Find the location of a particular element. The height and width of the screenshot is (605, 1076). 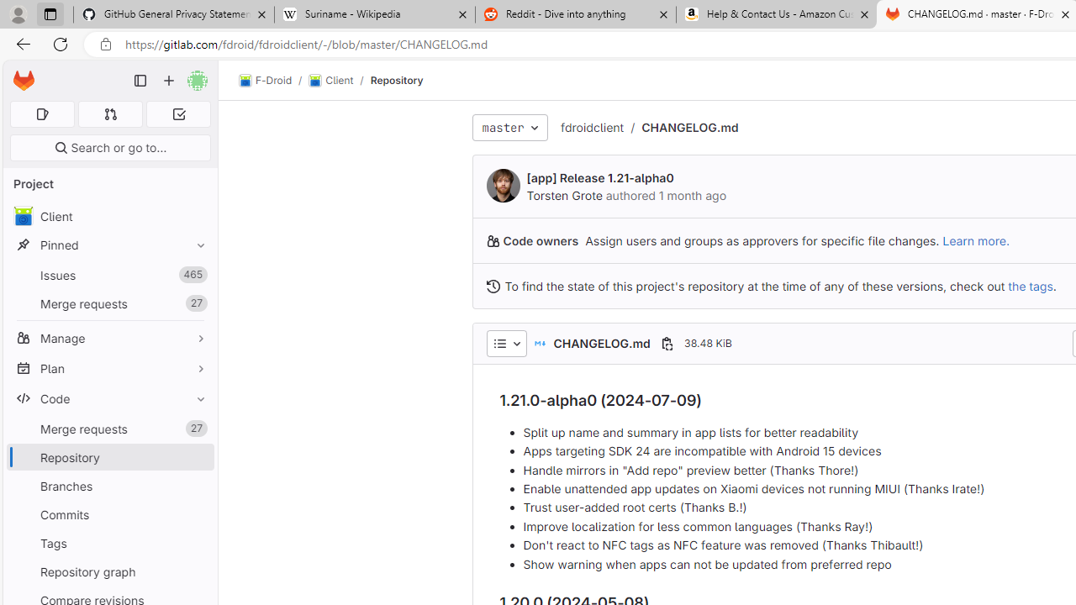

'Merge requests 27' is located at coordinates (109, 428).